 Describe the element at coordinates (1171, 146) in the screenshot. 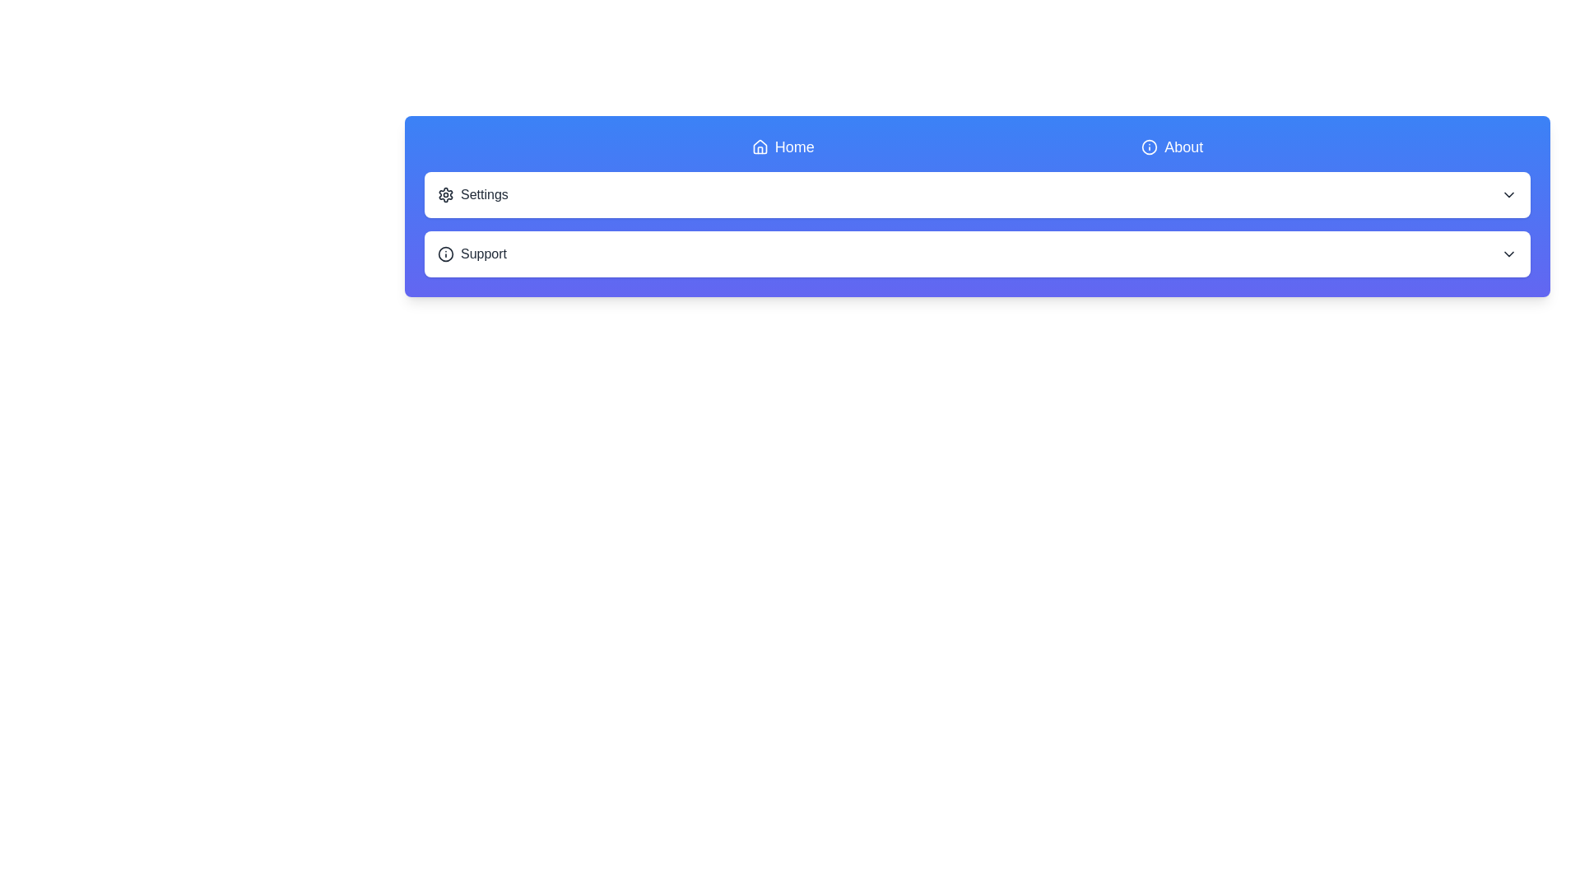

I see `the 'About' hyperlink located in the navigation bar, which features white text on a blue background and includes an information icon on the left` at that location.